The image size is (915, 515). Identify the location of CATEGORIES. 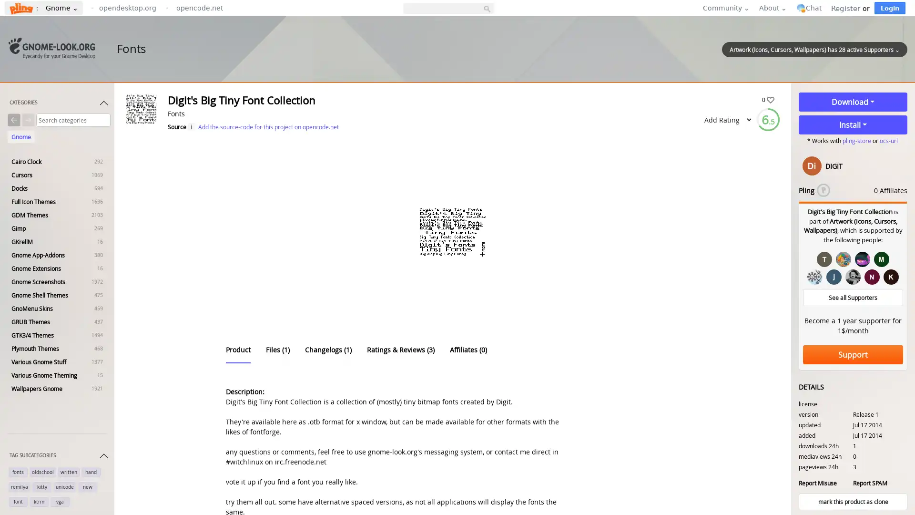
(59, 104).